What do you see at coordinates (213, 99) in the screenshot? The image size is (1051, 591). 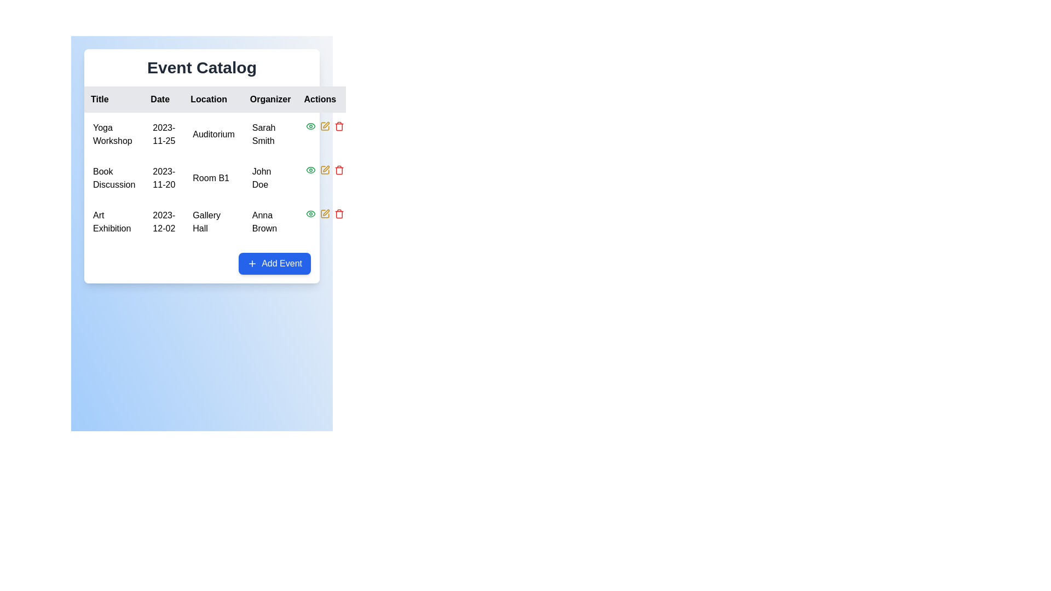 I see `the header label for the locations column, which is the third item from the left in the table header, located between the 'Date' and 'Organizer' columns` at bounding box center [213, 99].